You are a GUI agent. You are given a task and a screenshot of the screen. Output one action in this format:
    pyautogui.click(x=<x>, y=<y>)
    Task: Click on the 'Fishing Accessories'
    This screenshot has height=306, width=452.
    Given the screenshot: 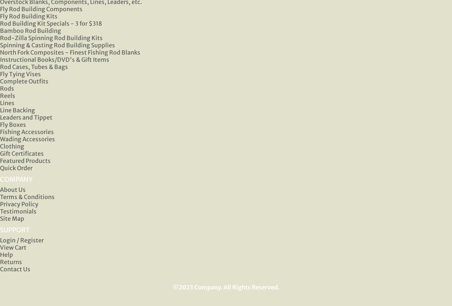 What is the action you would take?
    pyautogui.click(x=26, y=131)
    